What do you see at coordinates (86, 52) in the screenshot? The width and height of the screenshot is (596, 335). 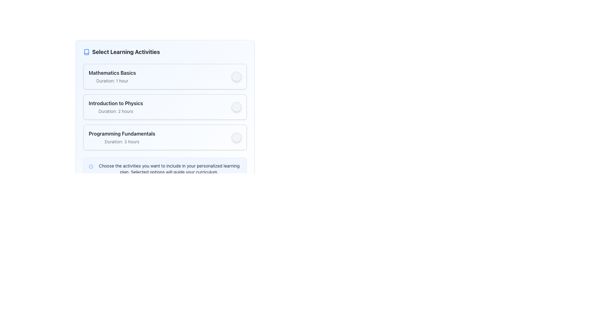 I see `the small blue book icon located to the left of the 'Select Learning Activities' heading` at bounding box center [86, 52].